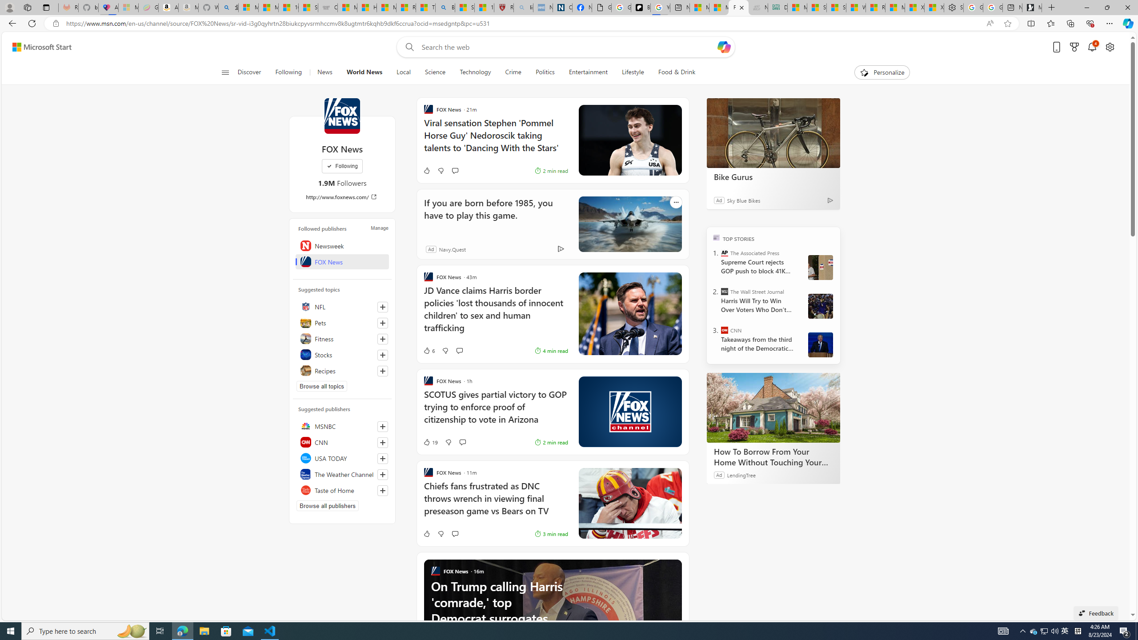  What do you see at coordinates (493, 214) in the screenshot?
I see `'If you are born before 1985, you have to play this game.'` at bounding box center [493, 214].